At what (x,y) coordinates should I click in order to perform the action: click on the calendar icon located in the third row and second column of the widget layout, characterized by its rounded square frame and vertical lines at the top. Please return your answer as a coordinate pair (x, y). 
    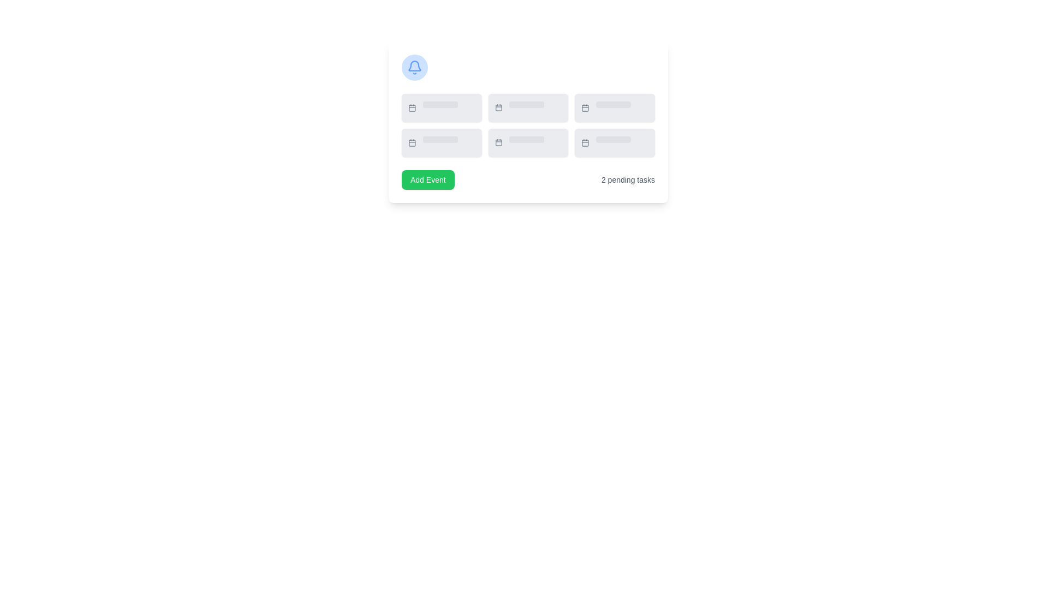
    Looking at the image, I should click on (585, 142).